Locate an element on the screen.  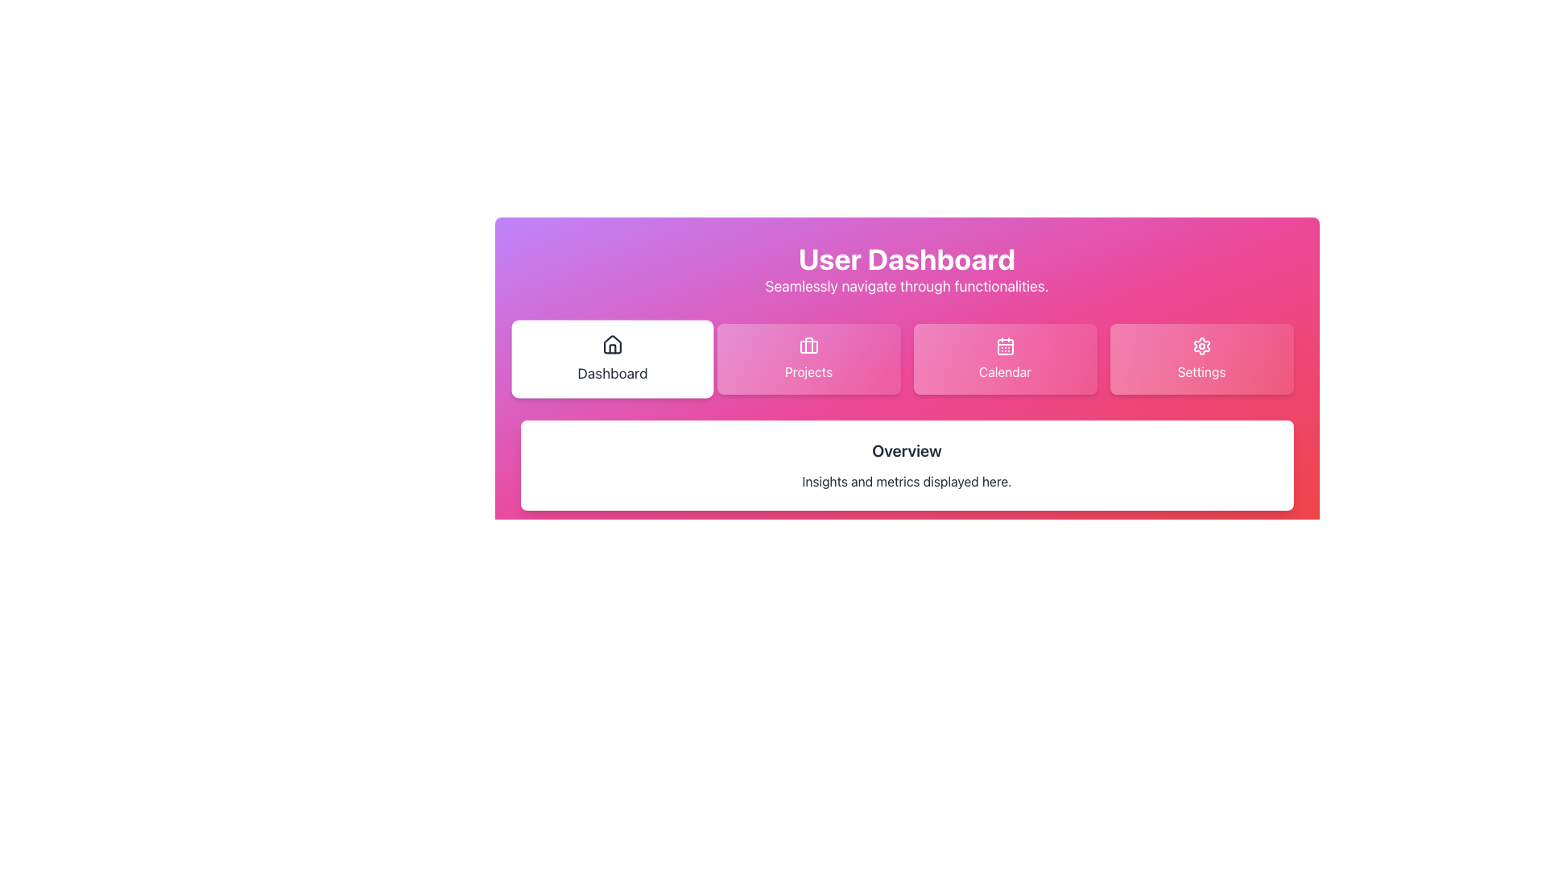
the static text element that states 'Insights and metrics displayed here', which is centrally aligned beneath the 'Overview' heading in the dashboard interface is located at coordinates (907, 480).